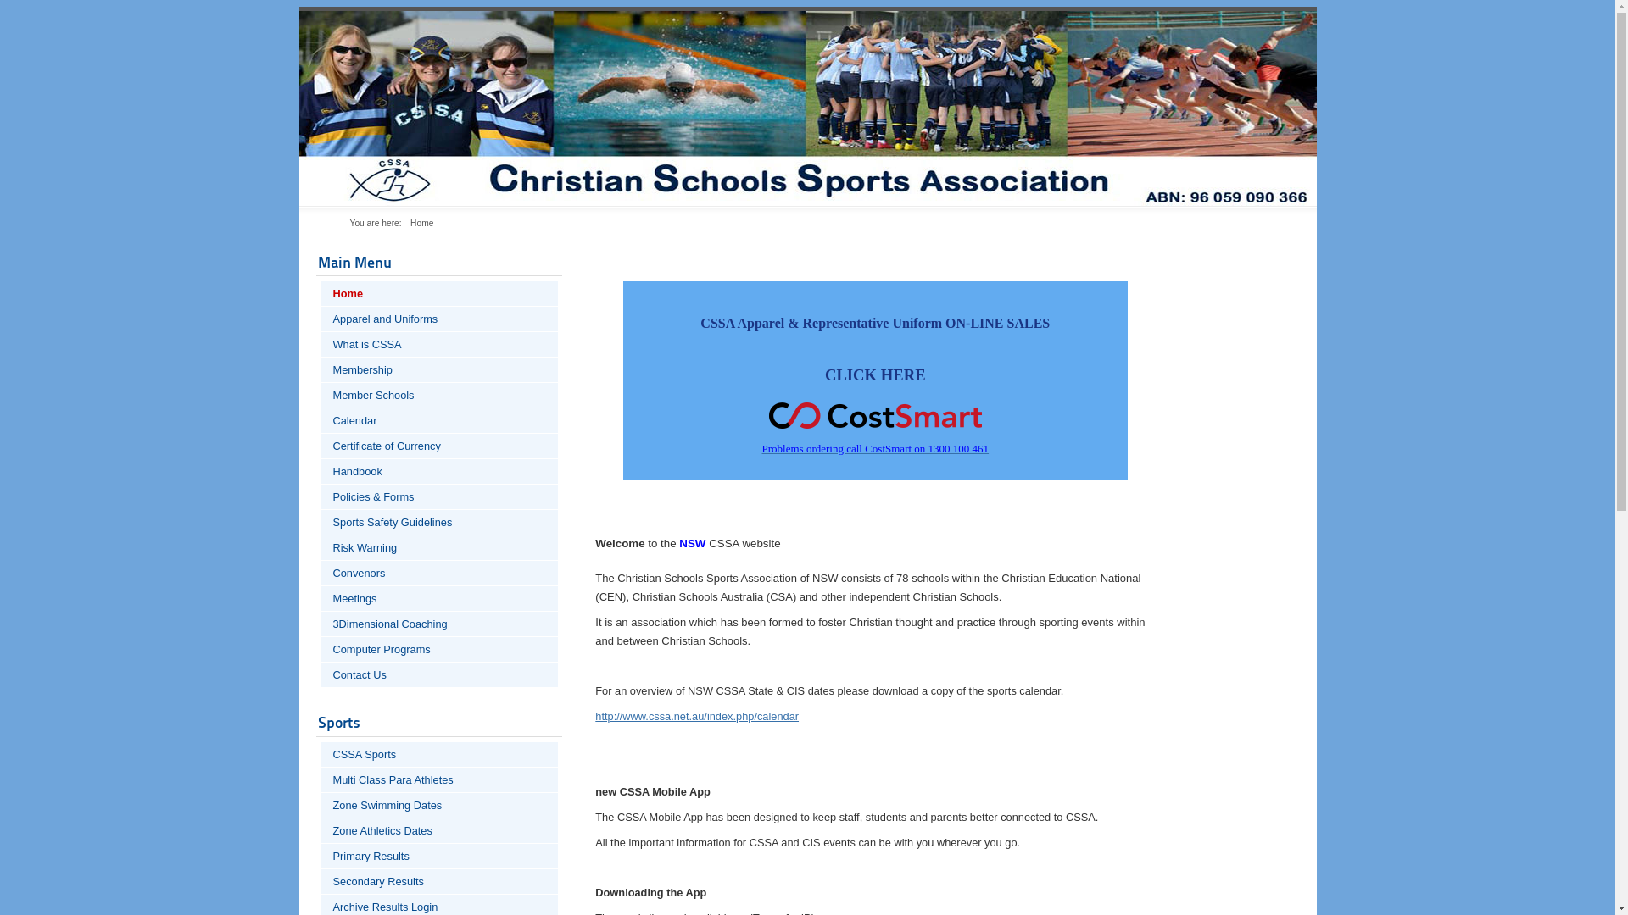  Describe the element at coordinates (439, 880) in the screenshot. I see `'Secondary Results'` at that location.